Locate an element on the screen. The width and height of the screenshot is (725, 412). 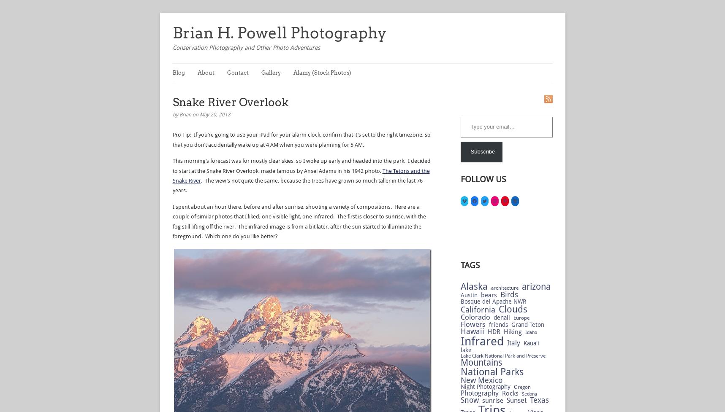
'Italy' is located at coordinates (513, 342).